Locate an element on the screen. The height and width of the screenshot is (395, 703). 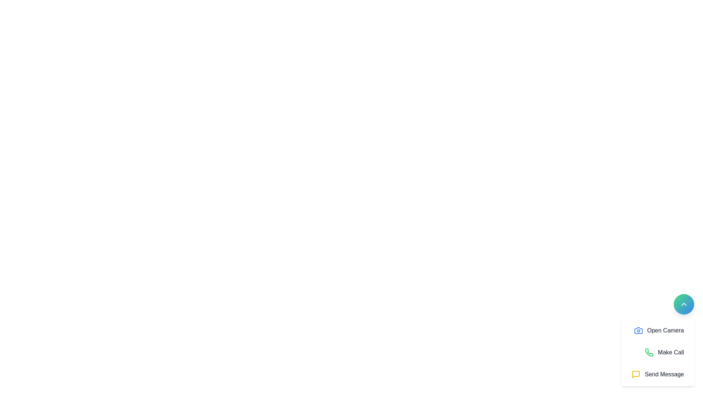
the 'Send Message' text label, which is styled in medium gray and located to the right of a yellow message icon is located at coordinates (664, 374).